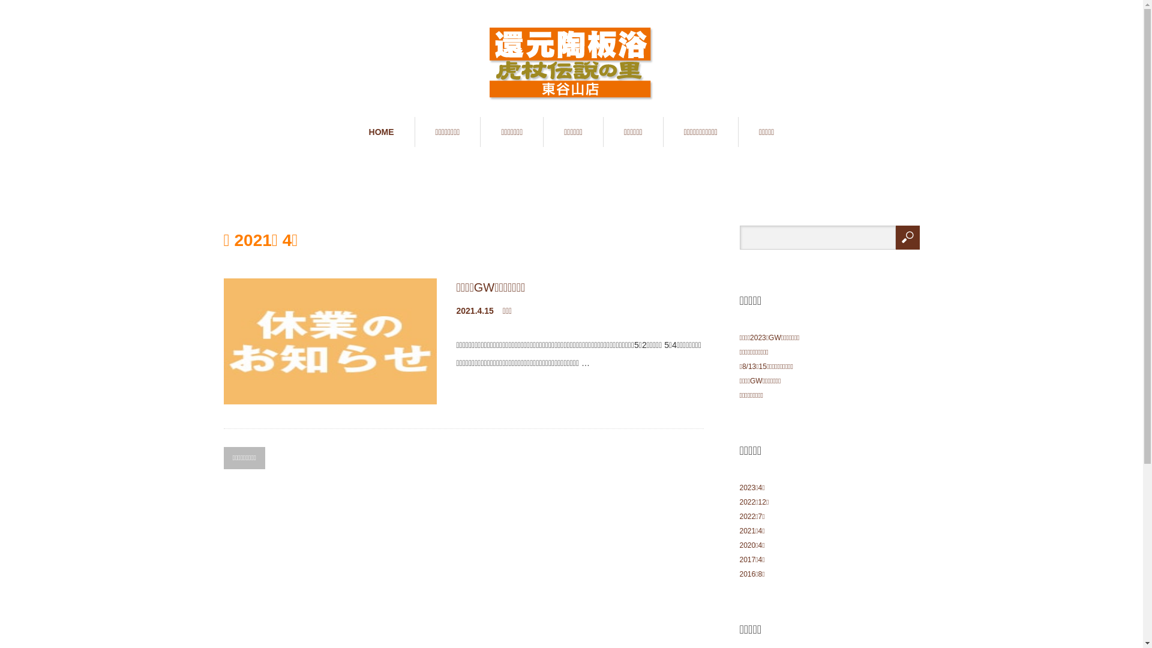  I want to click on 'HOME', so click(381, 131).